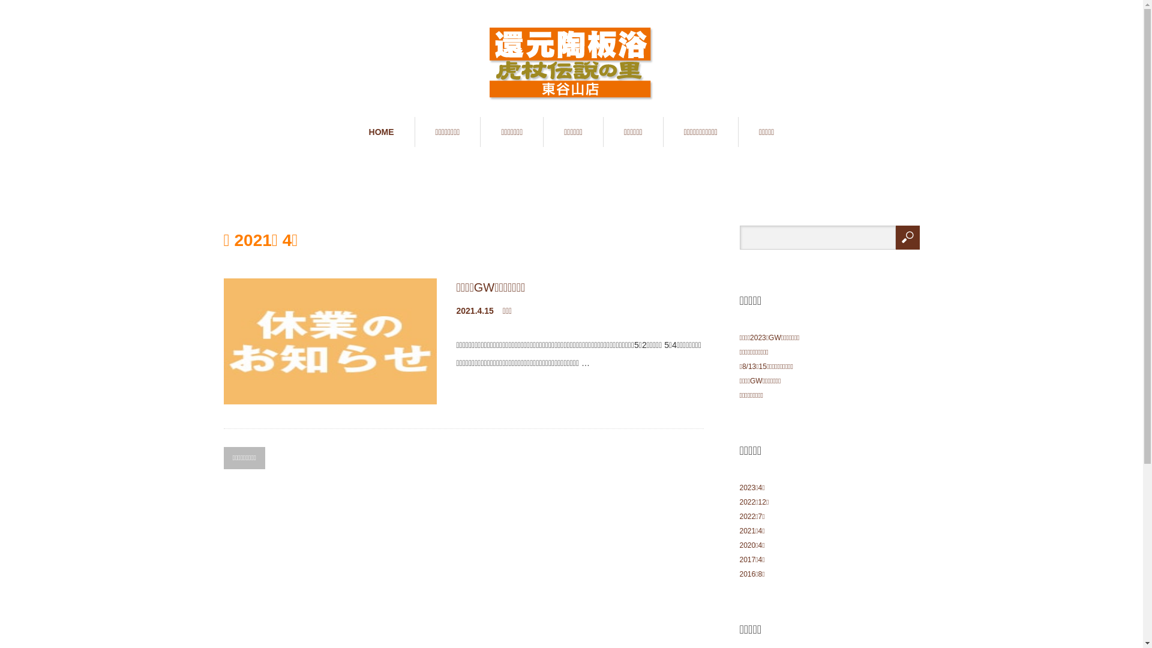  I want to click on 'HOME', so click(381, 131).